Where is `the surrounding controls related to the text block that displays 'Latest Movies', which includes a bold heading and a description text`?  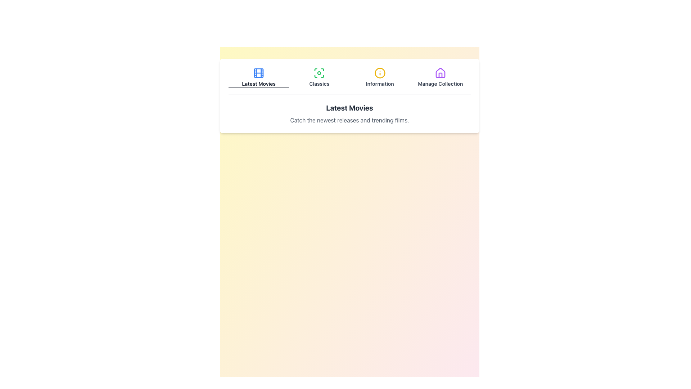
the surrounding controls related to the text block that displays 'Latest Movies', which includes a bold heading and a description text is located at coordinates (349, 113).